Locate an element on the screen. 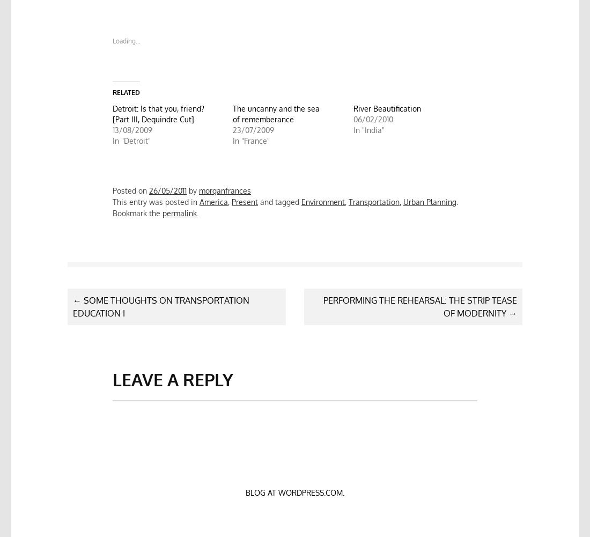 This screenshot has width=590, height=537. 'and tagged' is located at coordinates (279, 201).